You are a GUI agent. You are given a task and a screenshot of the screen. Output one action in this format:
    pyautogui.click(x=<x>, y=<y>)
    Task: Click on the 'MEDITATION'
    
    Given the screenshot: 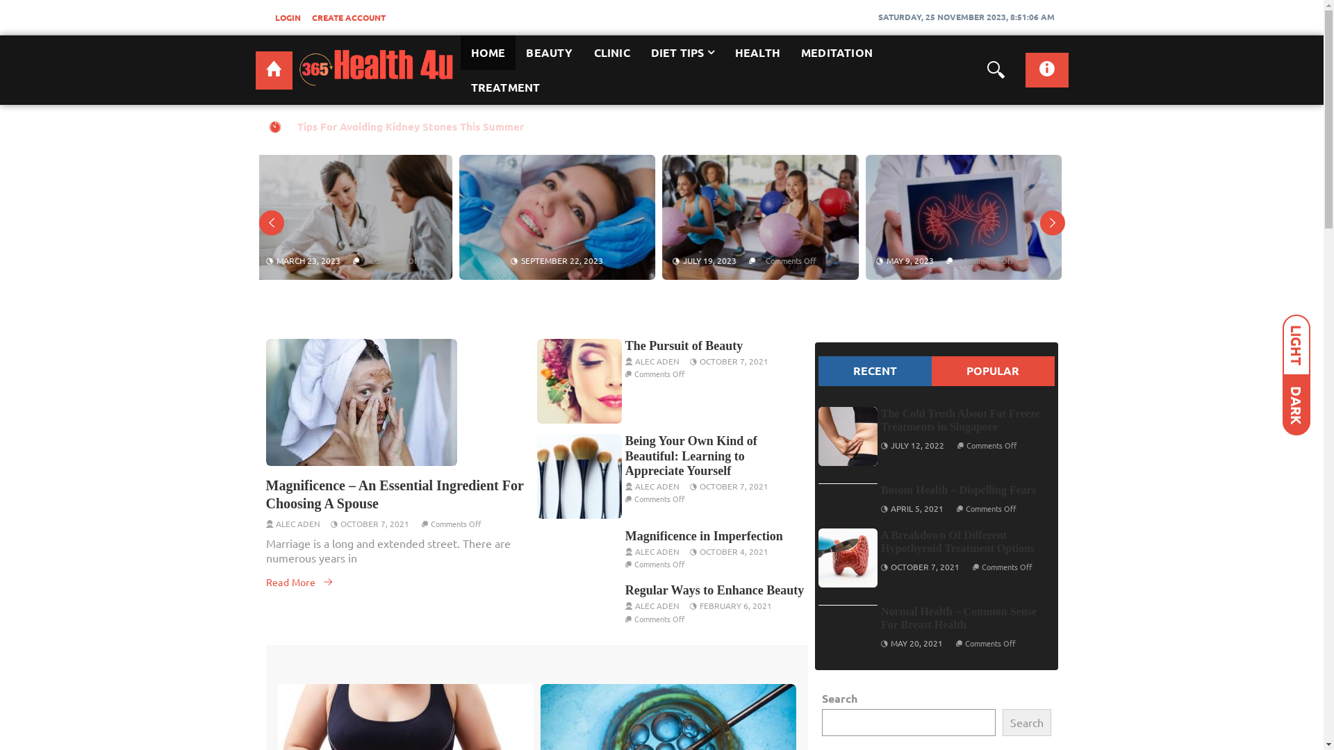 What is the action you would take?
    pyautogui.click(x=836, y=52)
    